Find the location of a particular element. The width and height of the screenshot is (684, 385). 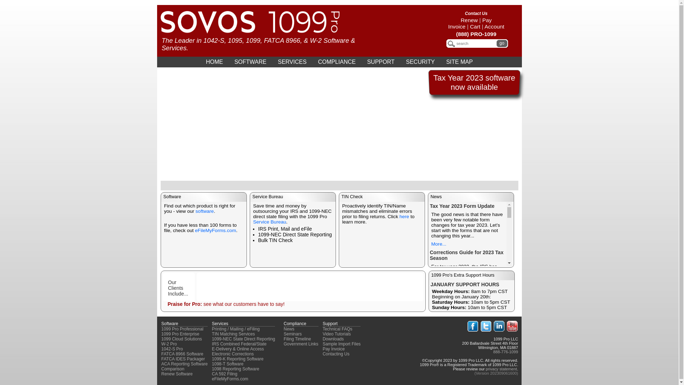

'FATCA 8966 Software' is located at coordinates (182, 354).